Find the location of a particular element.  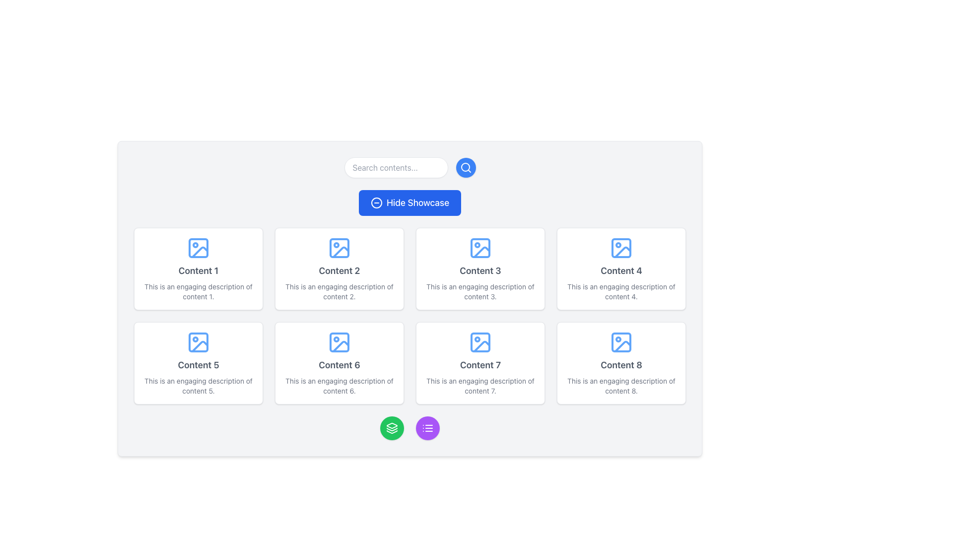

the text block that provides descriptive details about 'Content 4', located in the top-right quadrant of a grid layout, directly below the text 'Content 4' is located at coordinates (621, 291).